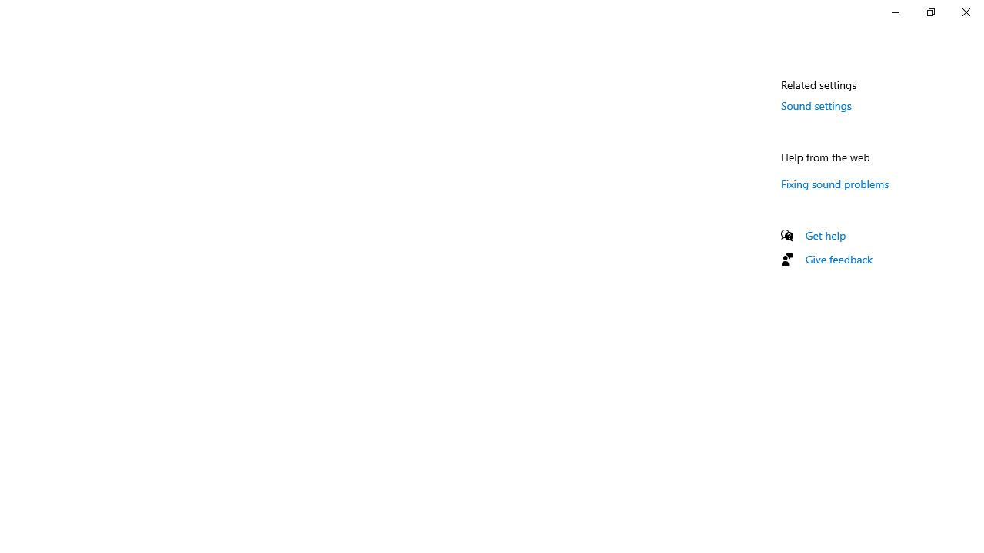 The height and width of the screenshot is (553, 984). Describe the element at coordinates (929, 12) in the screenshot. I see `'Restore Settings'` at that location.